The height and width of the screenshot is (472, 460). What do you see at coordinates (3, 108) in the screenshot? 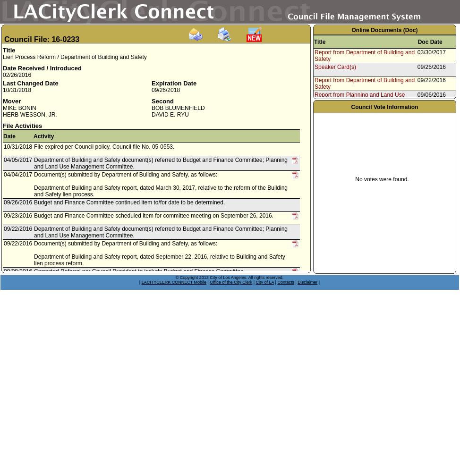
I see `'MIKE BONIN'` at bounding box center [3, 108].